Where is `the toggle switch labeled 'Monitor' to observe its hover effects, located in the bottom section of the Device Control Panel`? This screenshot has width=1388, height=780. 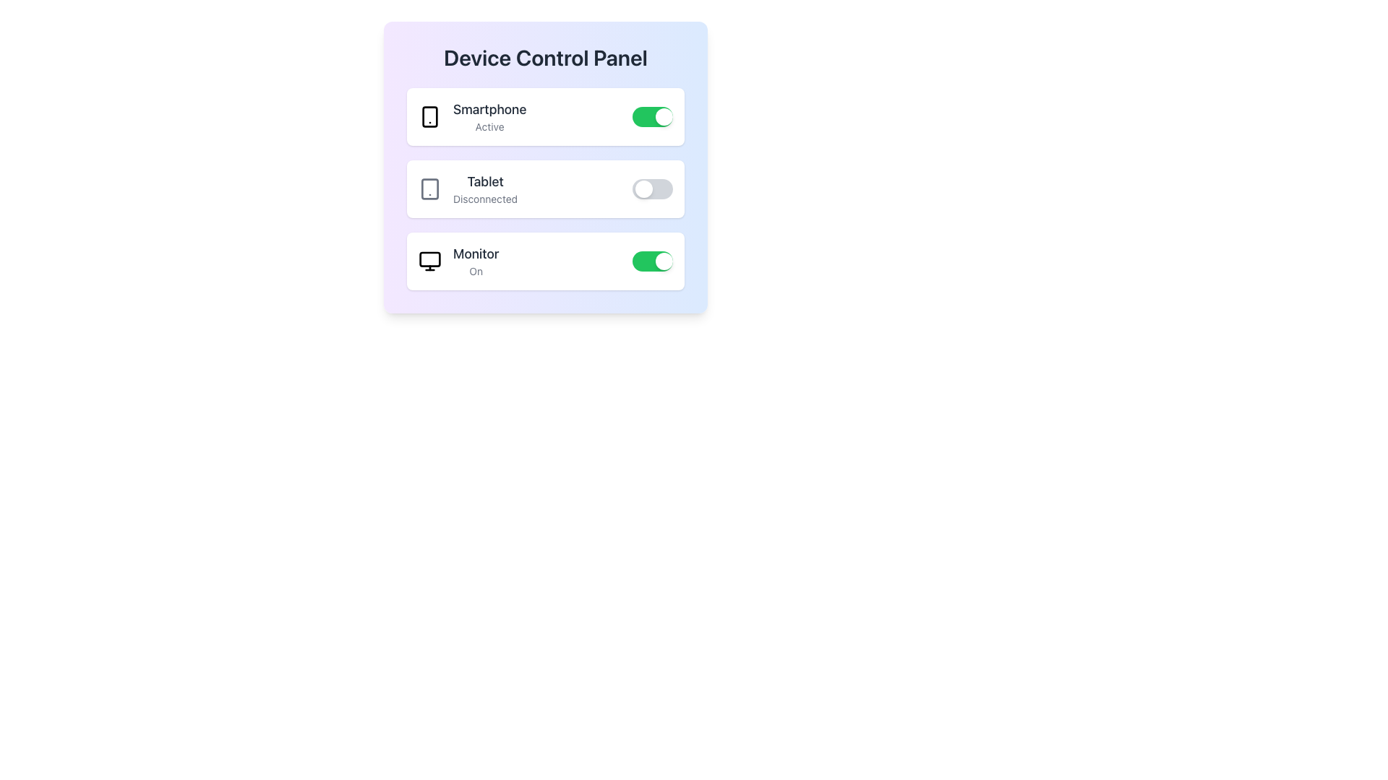
the toggle switch labeled 'Monitor' to observe its hover effects, located in the bottom section of the Device Control Panel is located at coordinates (651, 261).